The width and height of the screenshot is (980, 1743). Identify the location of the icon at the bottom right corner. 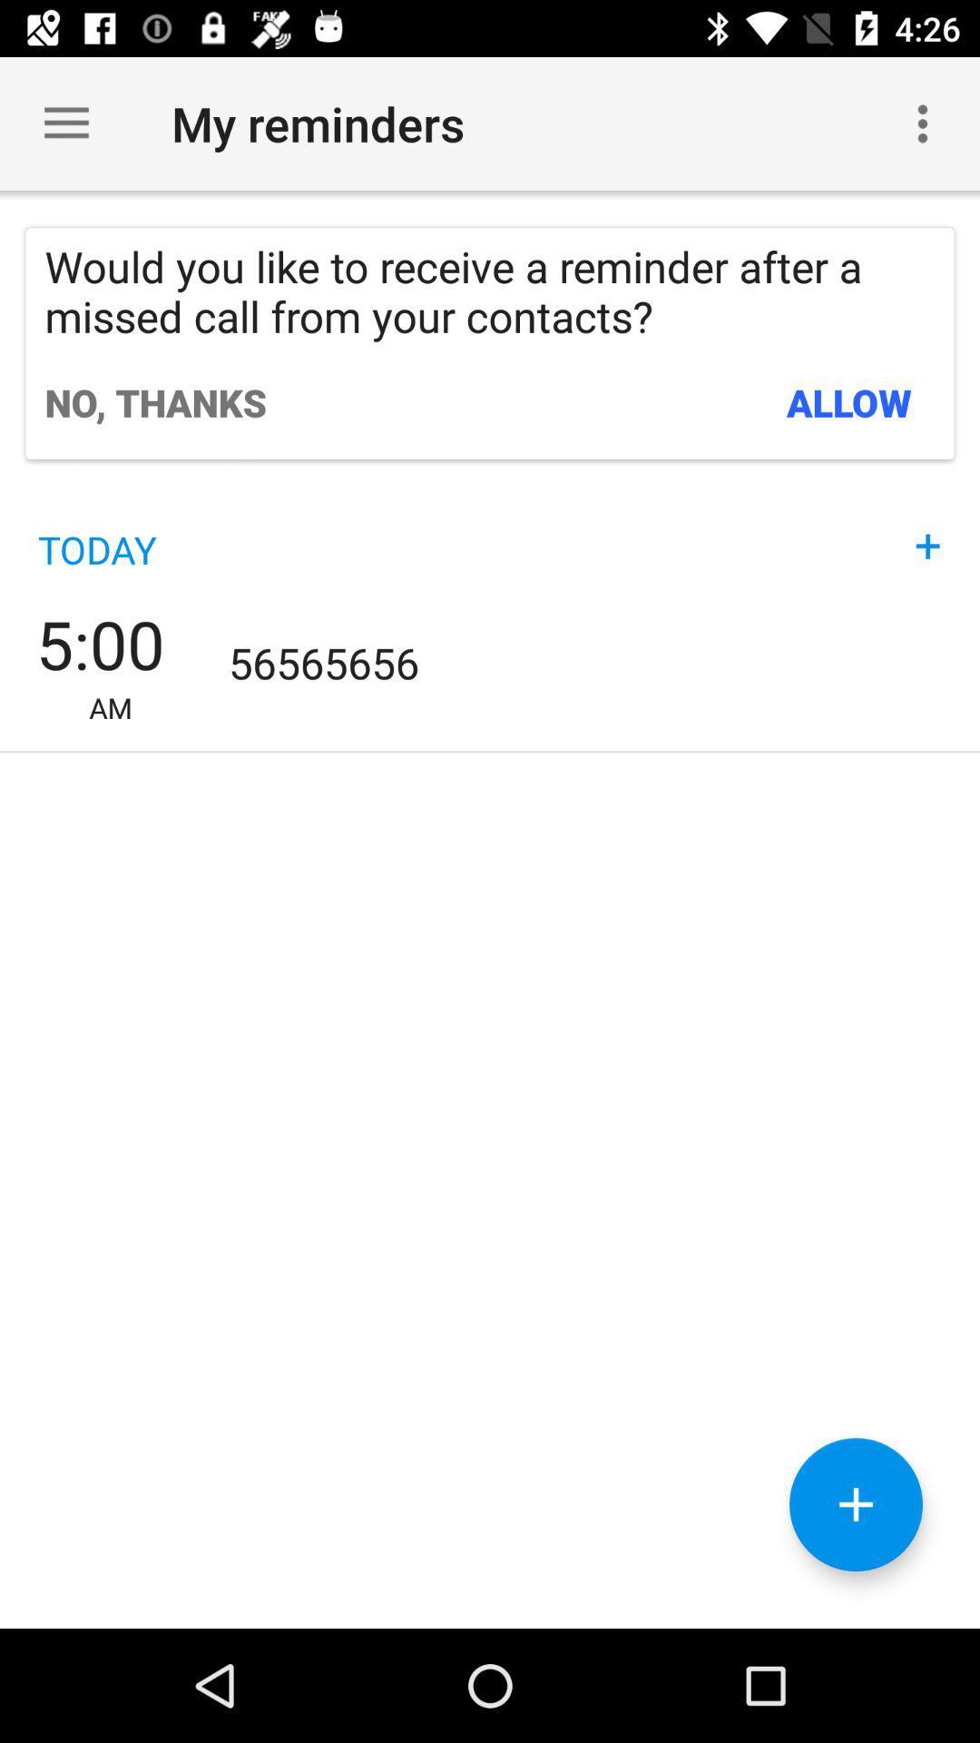
(856, 1504).